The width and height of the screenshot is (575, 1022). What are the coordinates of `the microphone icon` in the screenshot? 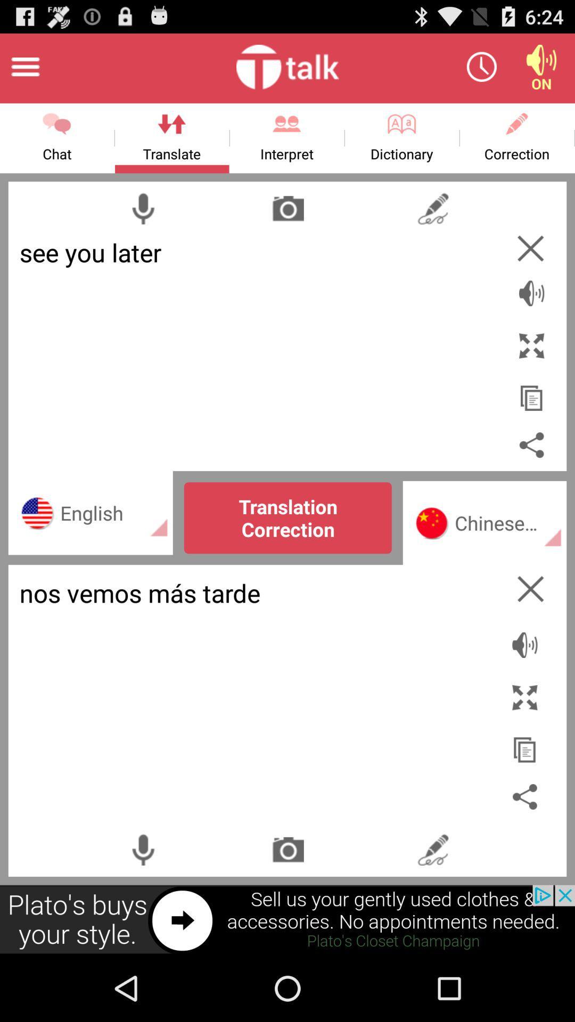 It's located at (142, 222).